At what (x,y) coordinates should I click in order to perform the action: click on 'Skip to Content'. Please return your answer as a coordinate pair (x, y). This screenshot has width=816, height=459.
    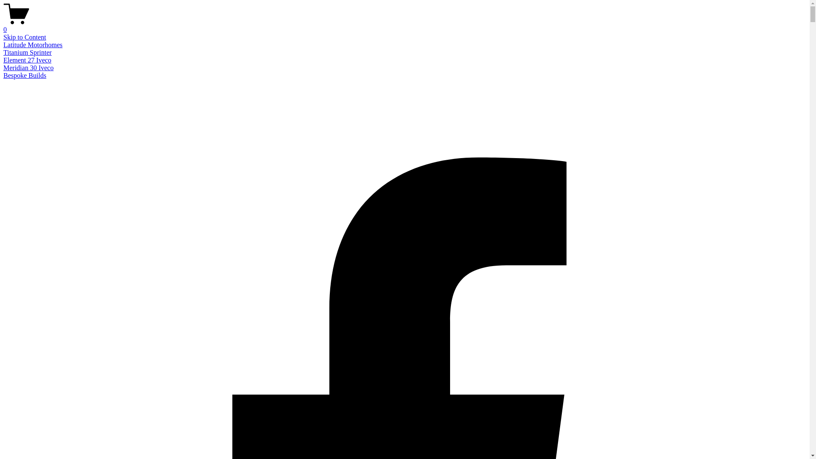
    Looking at the image, I should click on (24, 37).